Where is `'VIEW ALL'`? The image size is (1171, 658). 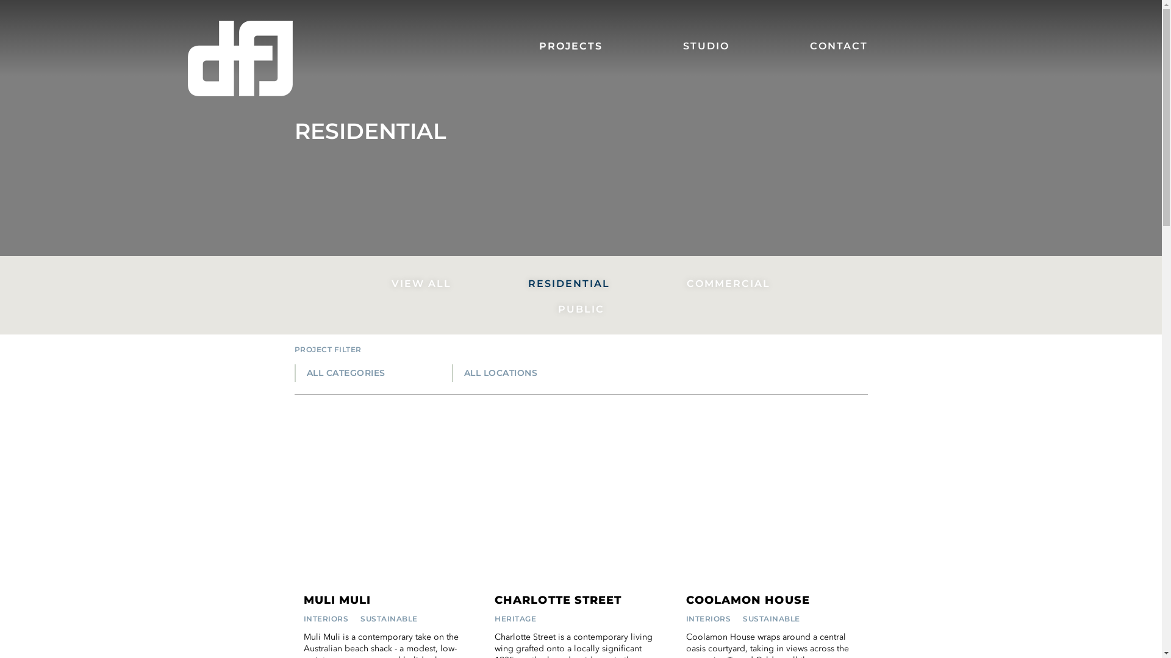 'VIEW ALL' is located at coordinates (421, 284).